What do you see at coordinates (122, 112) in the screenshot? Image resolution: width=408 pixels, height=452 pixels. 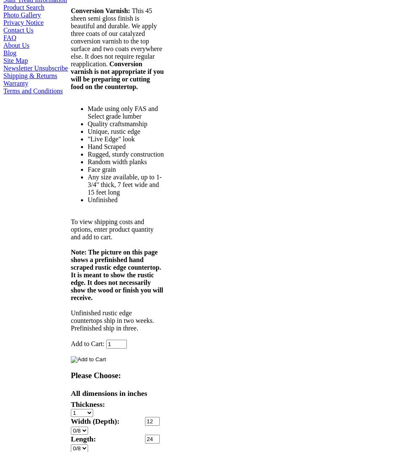 I see `'Made using only FAS and Select grade lumber'` at bounding box center [122, 112].